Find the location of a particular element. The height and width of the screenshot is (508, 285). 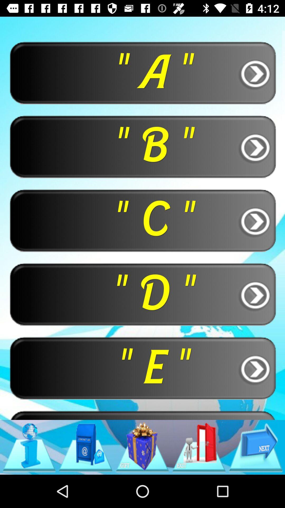

item below   " f " is located at coordinates (142, 447).